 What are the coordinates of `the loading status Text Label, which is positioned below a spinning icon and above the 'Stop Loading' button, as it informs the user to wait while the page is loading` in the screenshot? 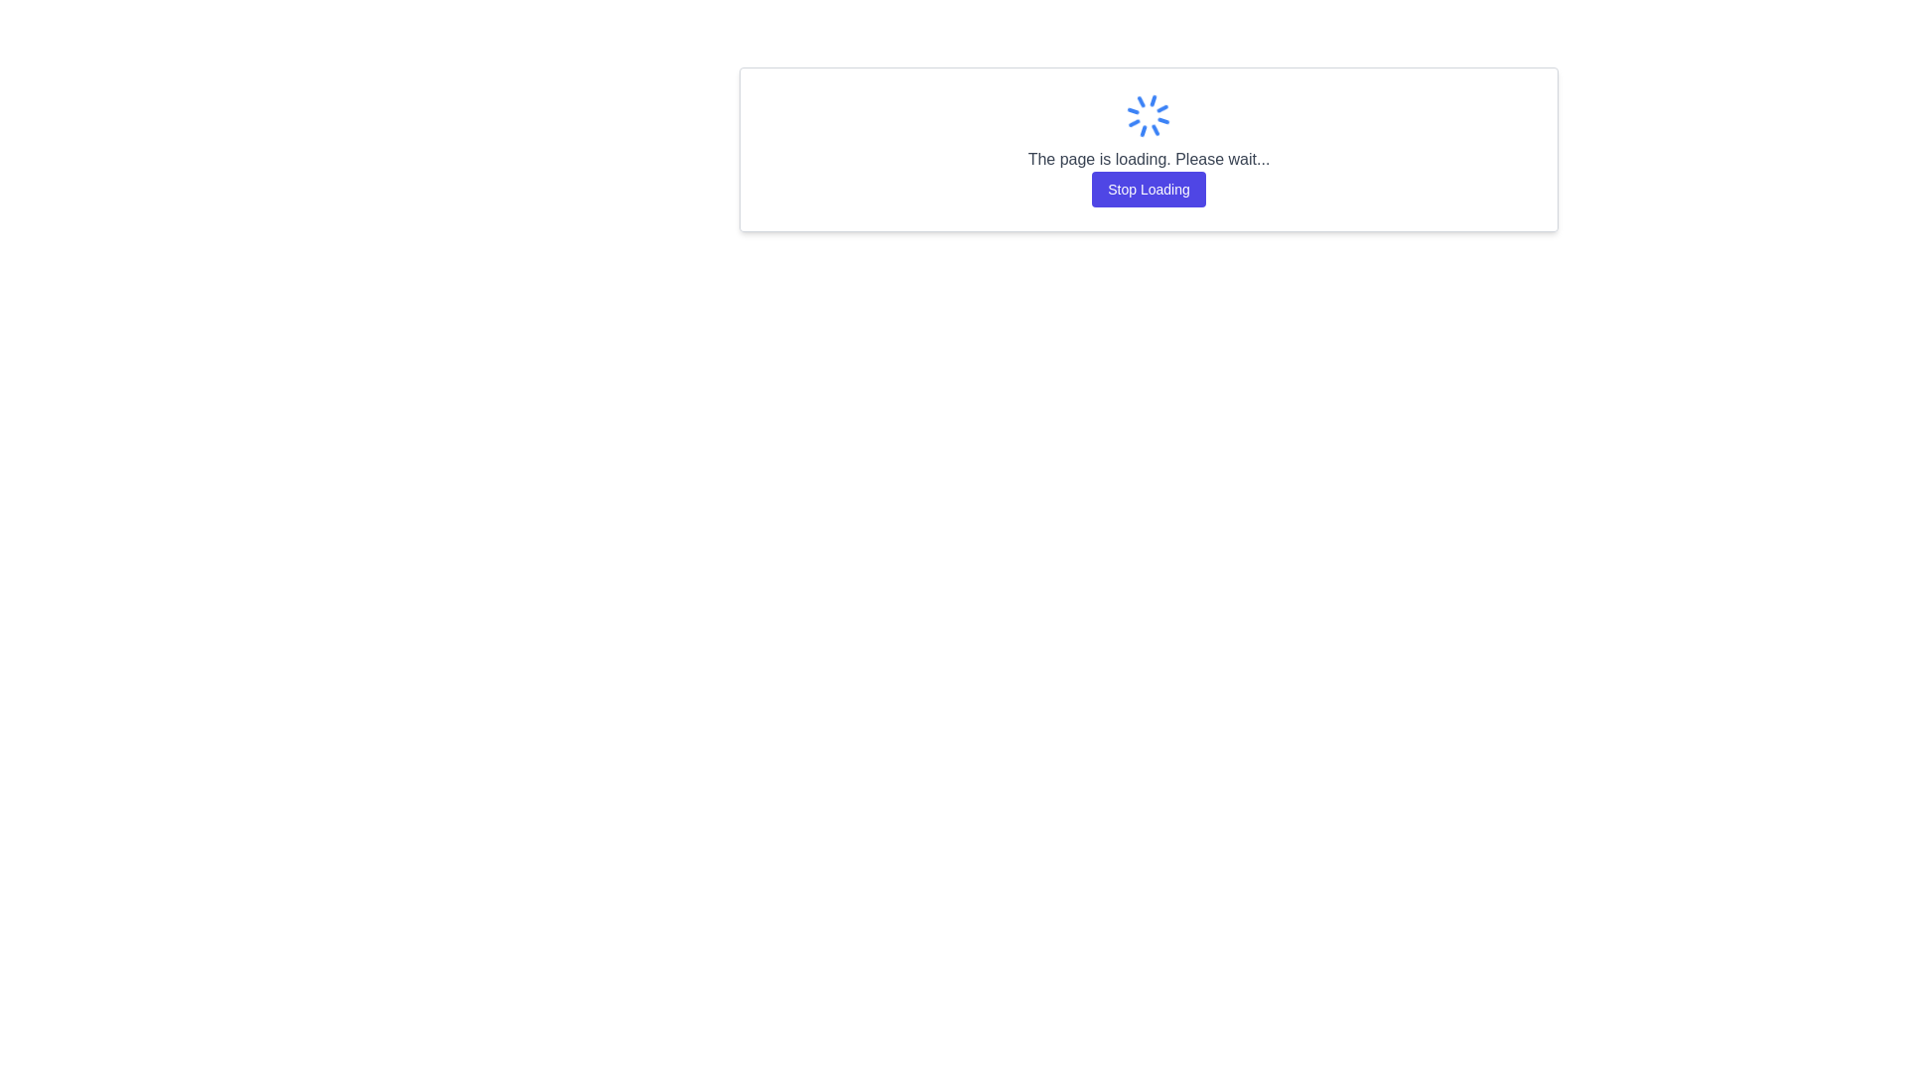 It's located at (1149, 159).